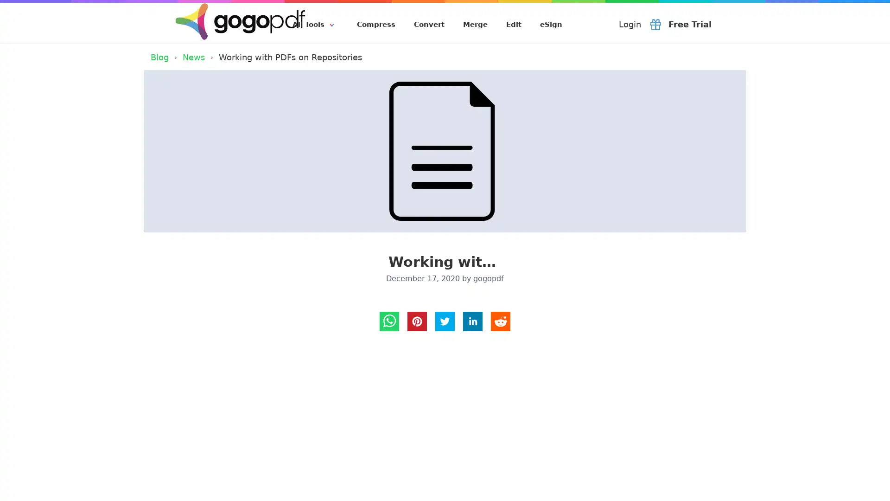  I want to click on Reddit, so click(500, 321).